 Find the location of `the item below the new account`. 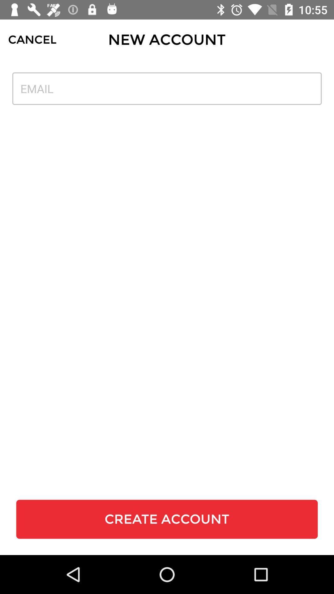

the item below the new account is located at coordinates (167, 88).